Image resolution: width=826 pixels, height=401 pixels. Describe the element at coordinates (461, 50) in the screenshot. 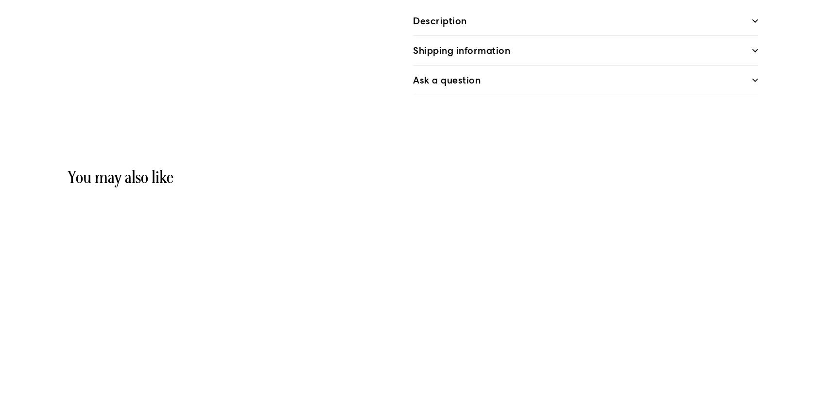

I see `'Shipping information'` at that location.